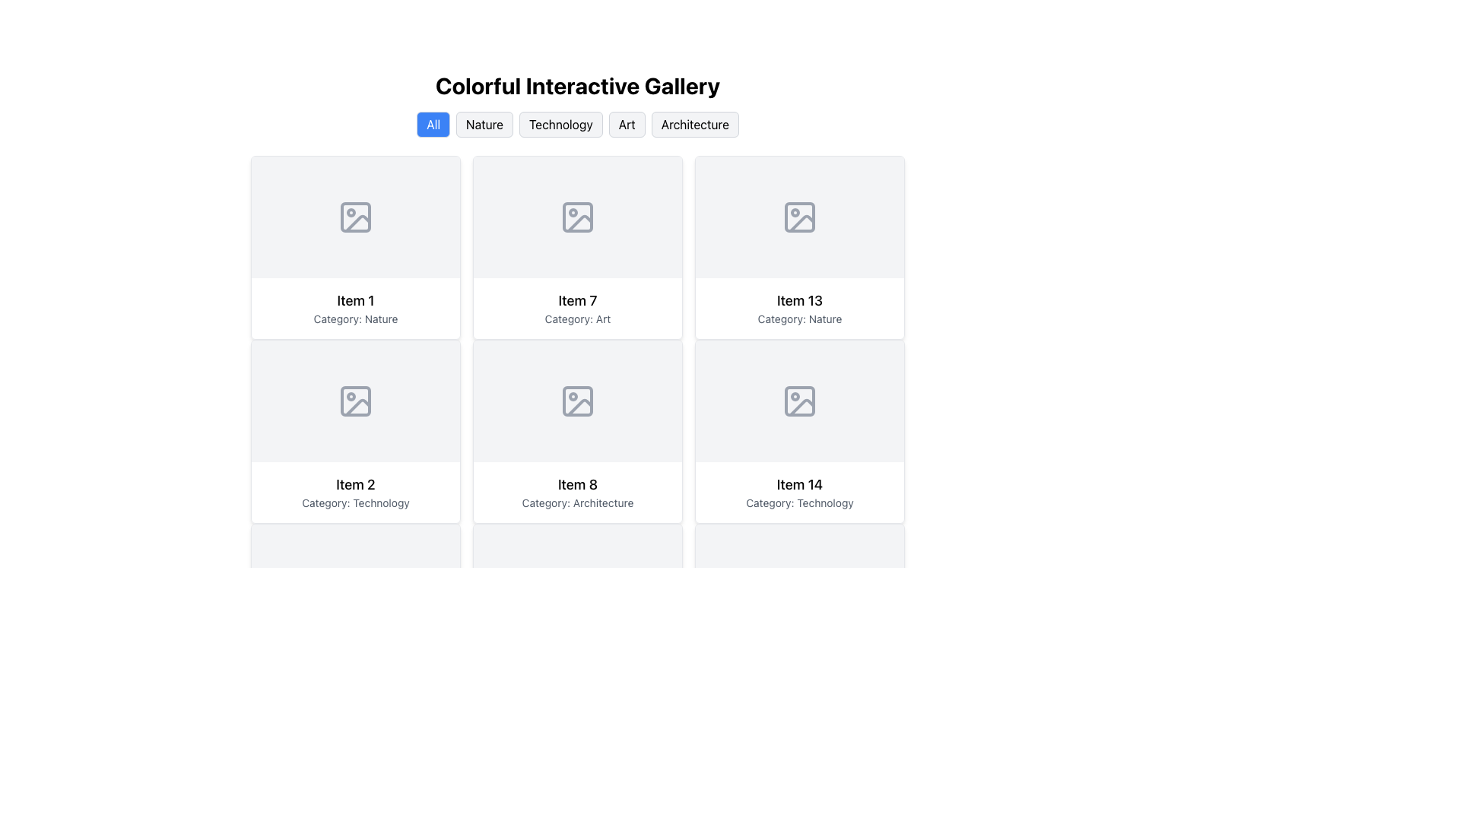  Describe the element at coordinates (357, 407) in the screenshot. I see `the decorative graphical element within the SVG icon located in the second row, first column of the grid layout, above the 'Item 2' text label` at that location.